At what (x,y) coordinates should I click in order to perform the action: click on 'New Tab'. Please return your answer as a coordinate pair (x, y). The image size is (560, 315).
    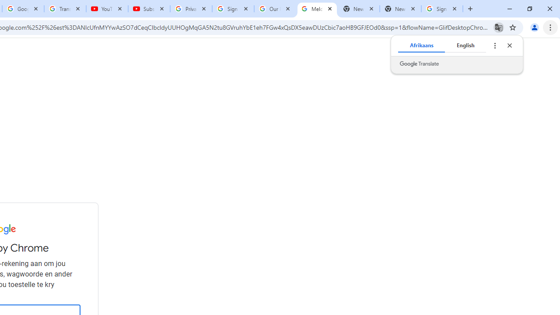
    Looking at the image, I should click on (400, 9).